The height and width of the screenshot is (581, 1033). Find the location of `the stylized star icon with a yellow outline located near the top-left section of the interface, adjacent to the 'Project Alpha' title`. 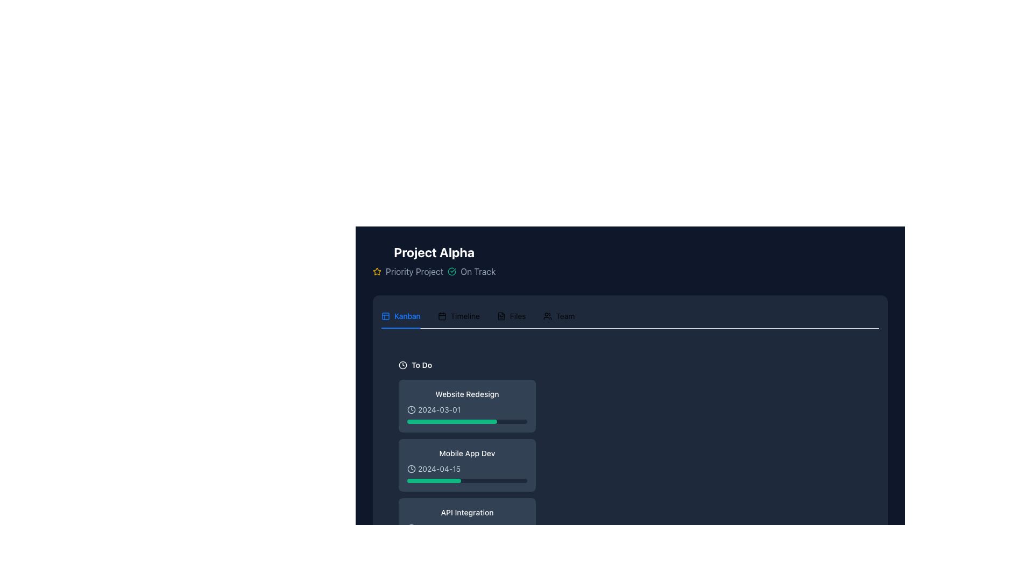

the stylized star icon with a yellow outline located near the top-left section of the interface, adjacent to the 'Project Alpha' title is located at coordinates (377, 271).